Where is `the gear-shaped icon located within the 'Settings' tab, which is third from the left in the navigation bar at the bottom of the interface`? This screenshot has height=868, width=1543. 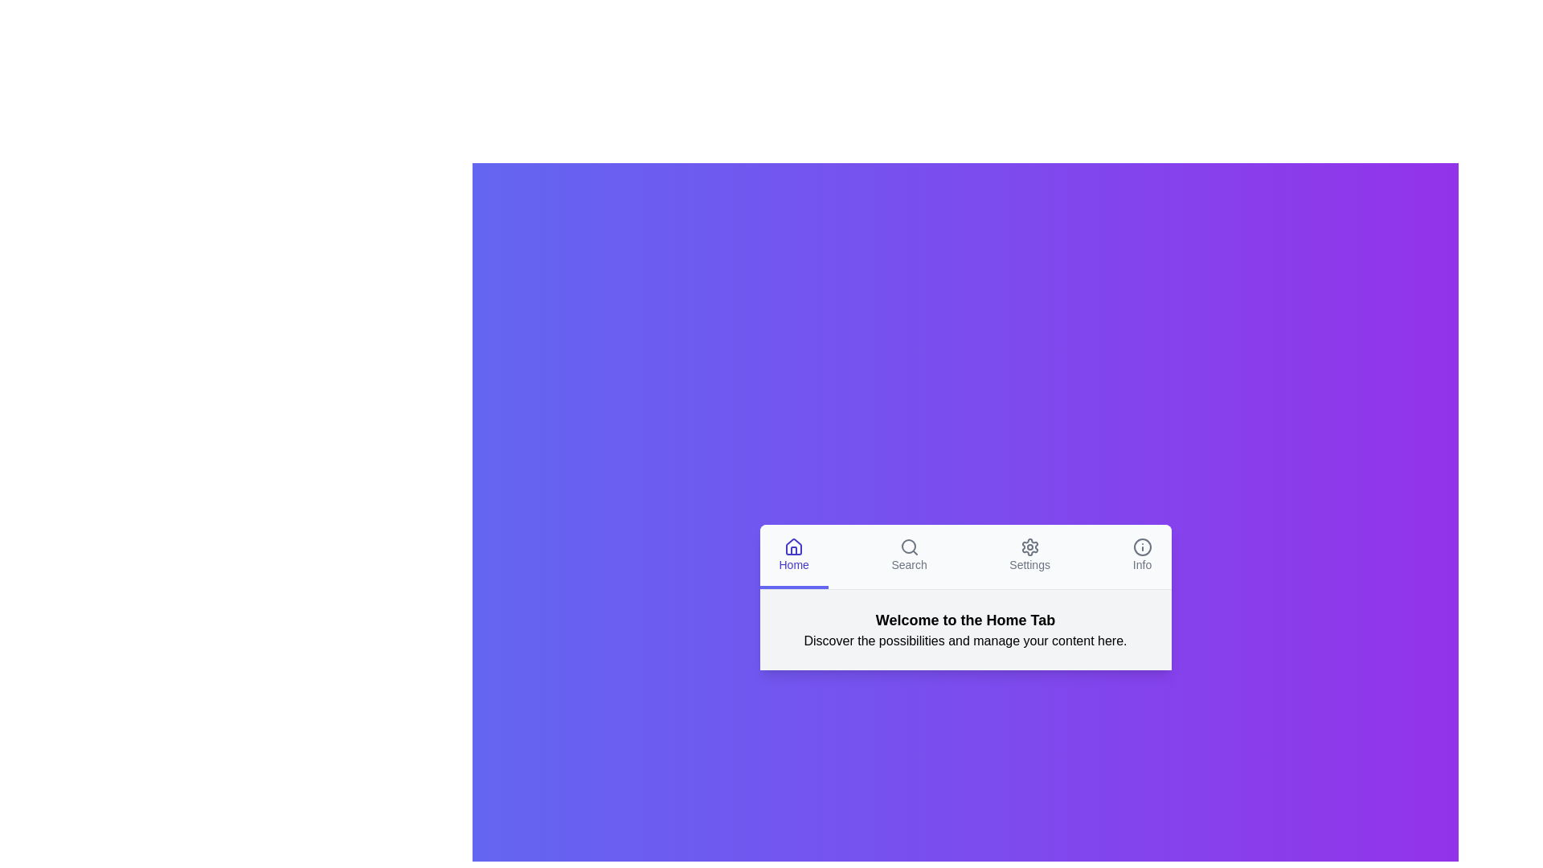 the gear-shaped icon located within the 'Settings' tab, which is third from the left in the navigation bar at the bottom of the interface is located at coordinates (1029, 546).